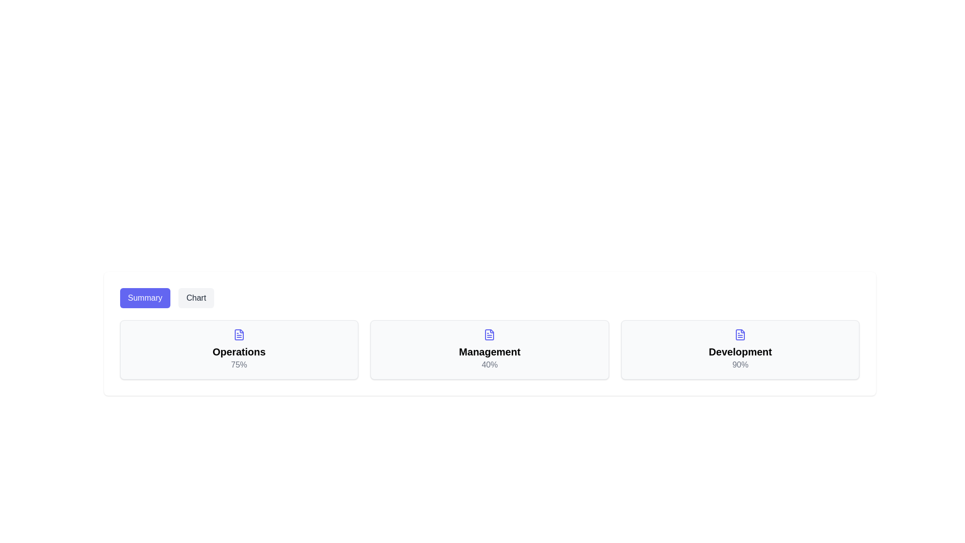  I want to click on the 'Chart' button, which is a rectangular button with dark gray text on a light gray background, located to the right of the 'Summary' button in the upper-left portion of the interface, so click(196, 298).